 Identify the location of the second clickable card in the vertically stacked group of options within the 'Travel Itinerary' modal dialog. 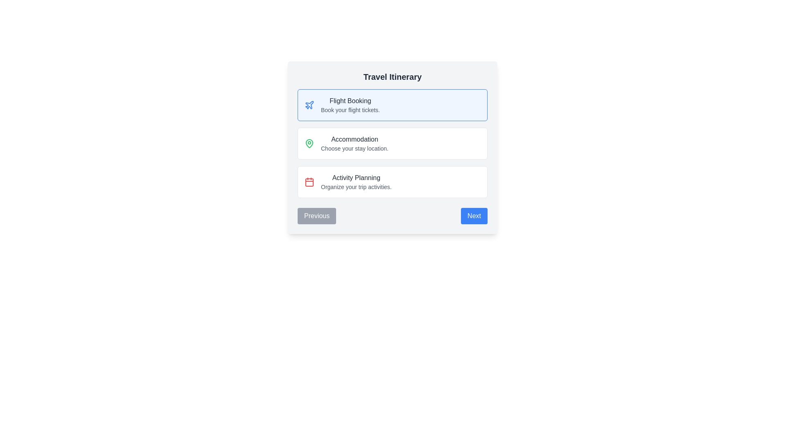
(392, 143).